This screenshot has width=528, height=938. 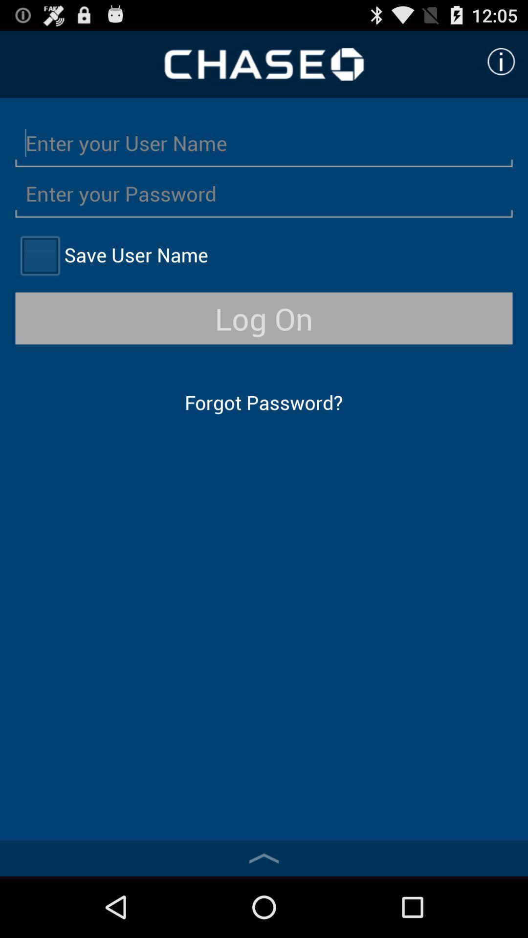 I want to click on icon to the left of save user name, so click(x=39, y=255).